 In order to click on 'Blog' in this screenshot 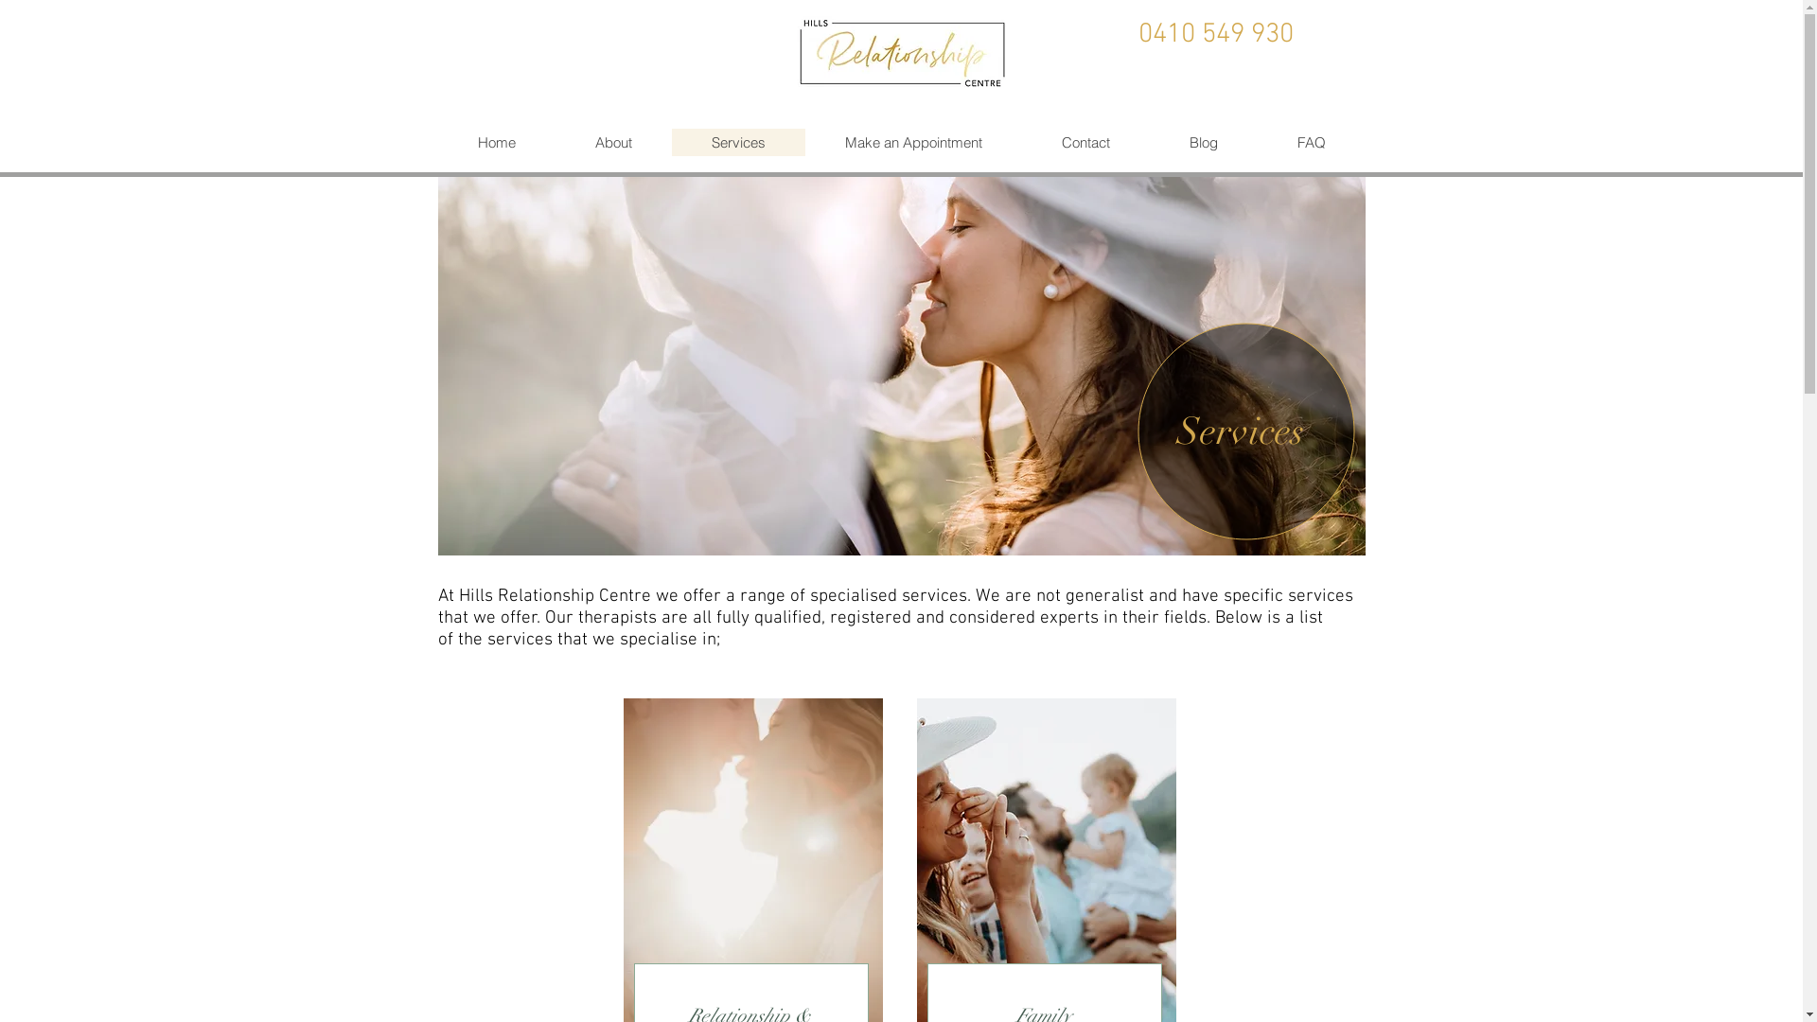, I will do `click(1202, 141)`.